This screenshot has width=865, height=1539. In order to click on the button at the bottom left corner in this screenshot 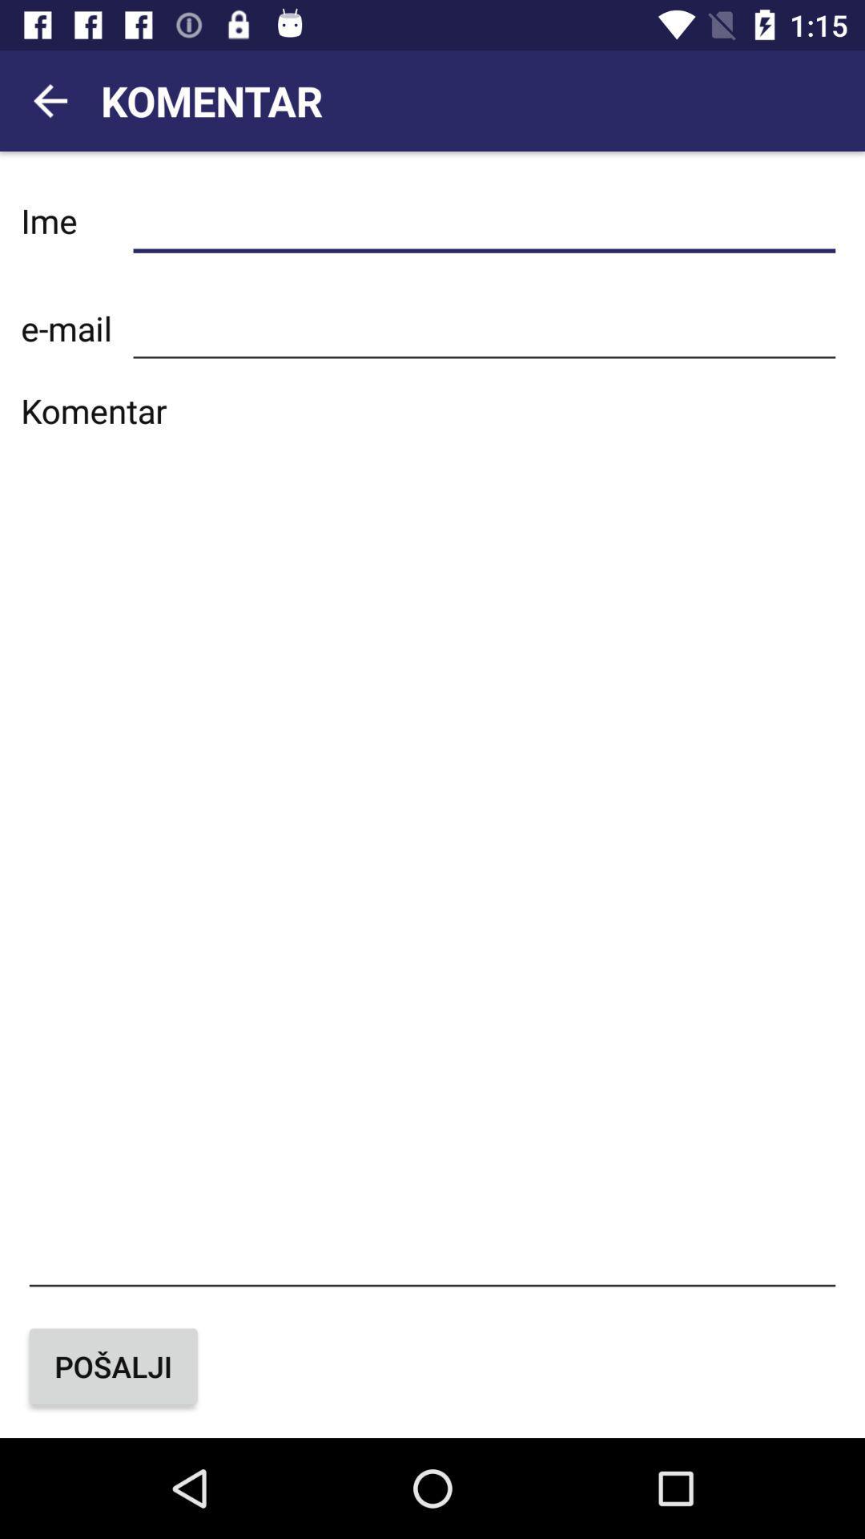, I will do `click(112, 1365)`.